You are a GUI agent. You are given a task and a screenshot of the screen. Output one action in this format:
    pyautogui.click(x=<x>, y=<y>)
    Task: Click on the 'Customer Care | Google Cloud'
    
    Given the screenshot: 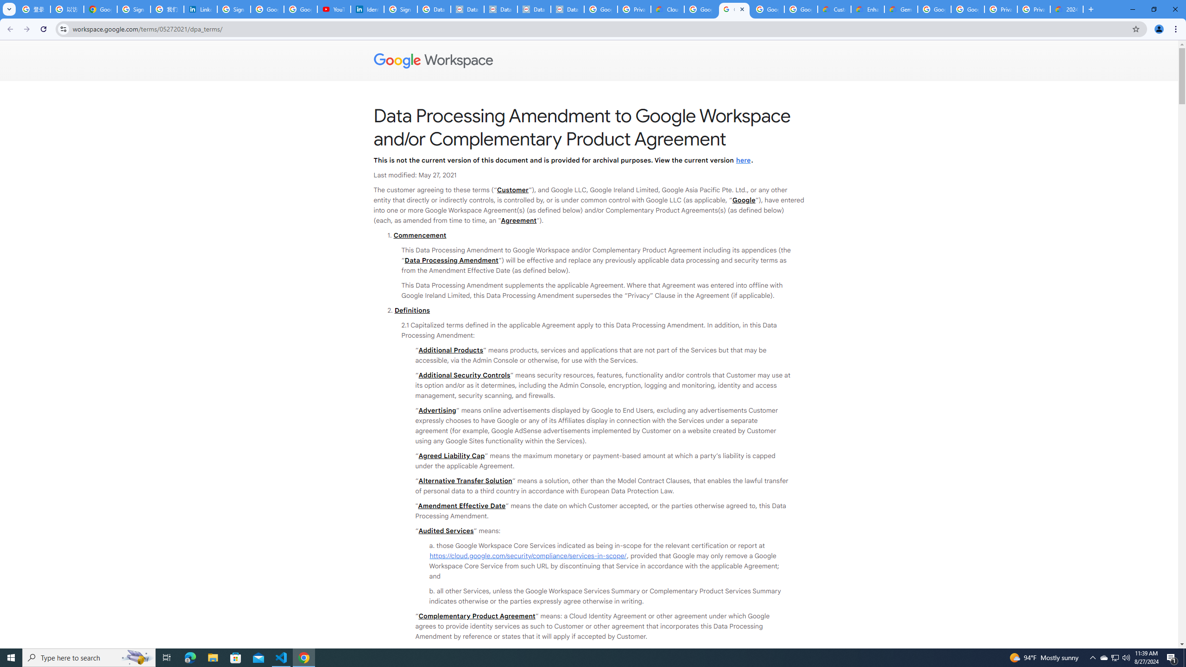 What is the action you would take?
    pyautogui.click(x=833, y=9)
    